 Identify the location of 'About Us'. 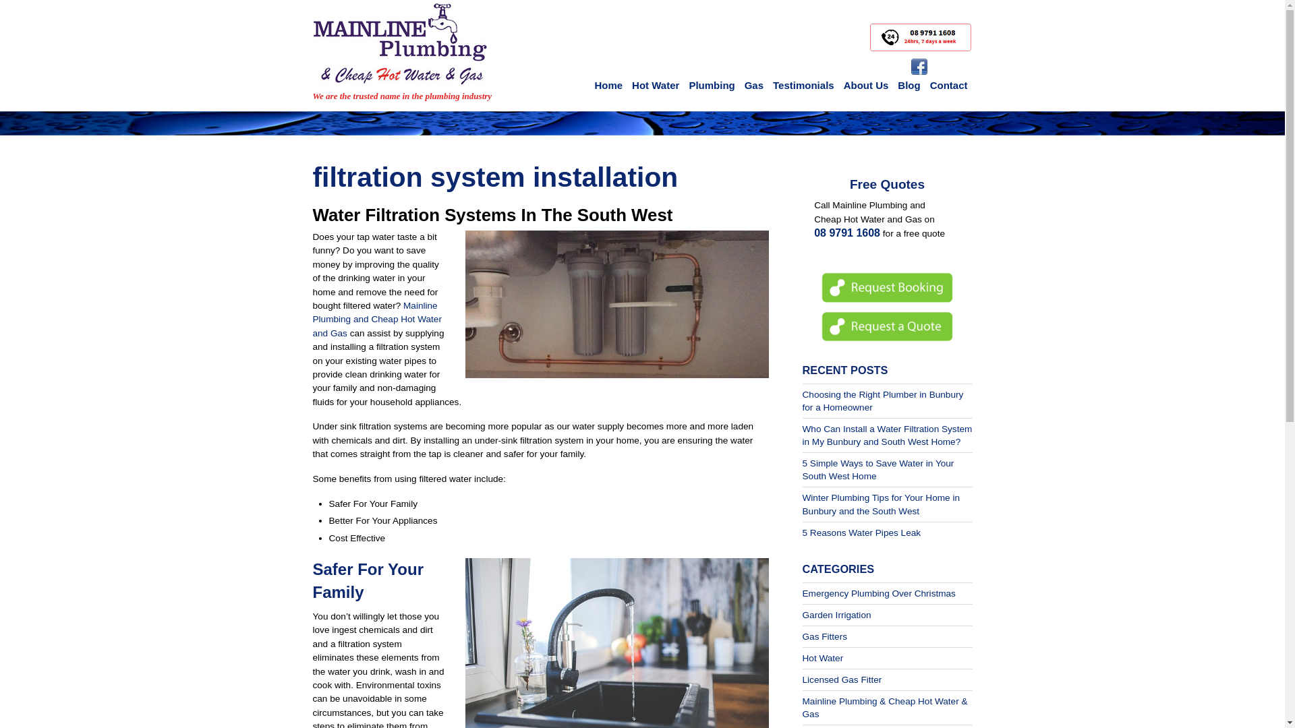
(866, 85).